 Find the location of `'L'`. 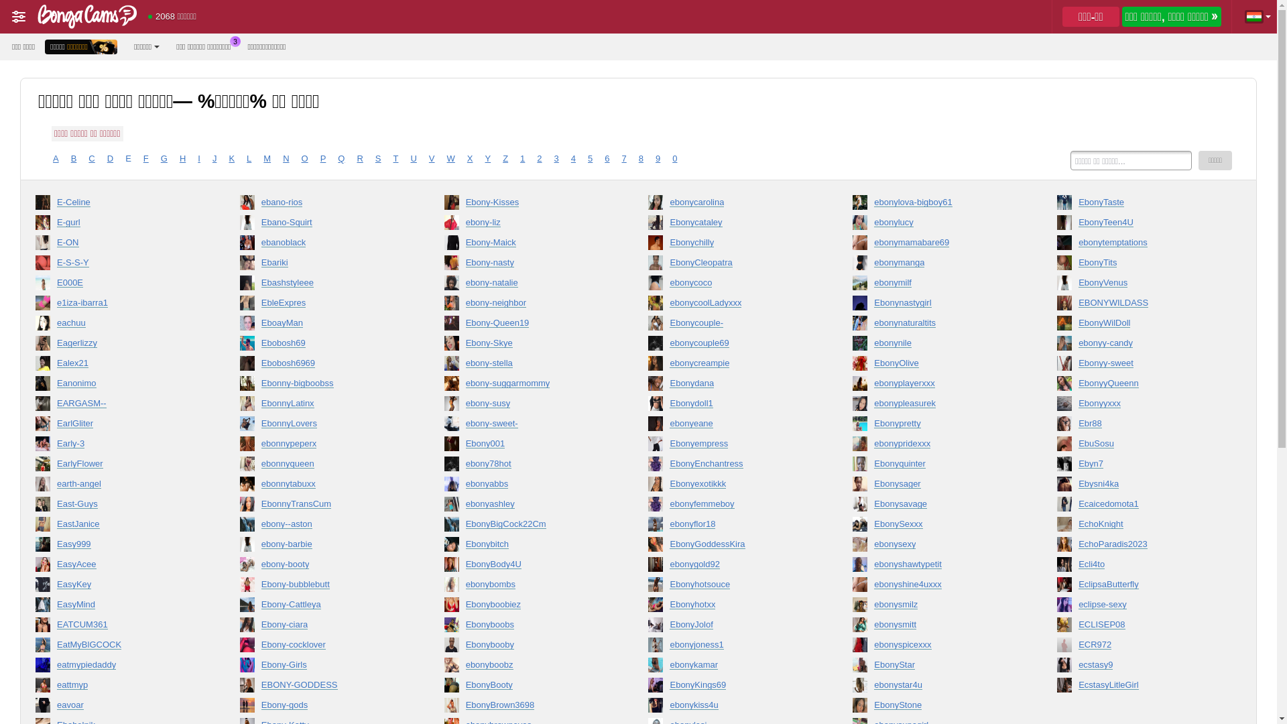

'L' is located at coordinates (249, 158).